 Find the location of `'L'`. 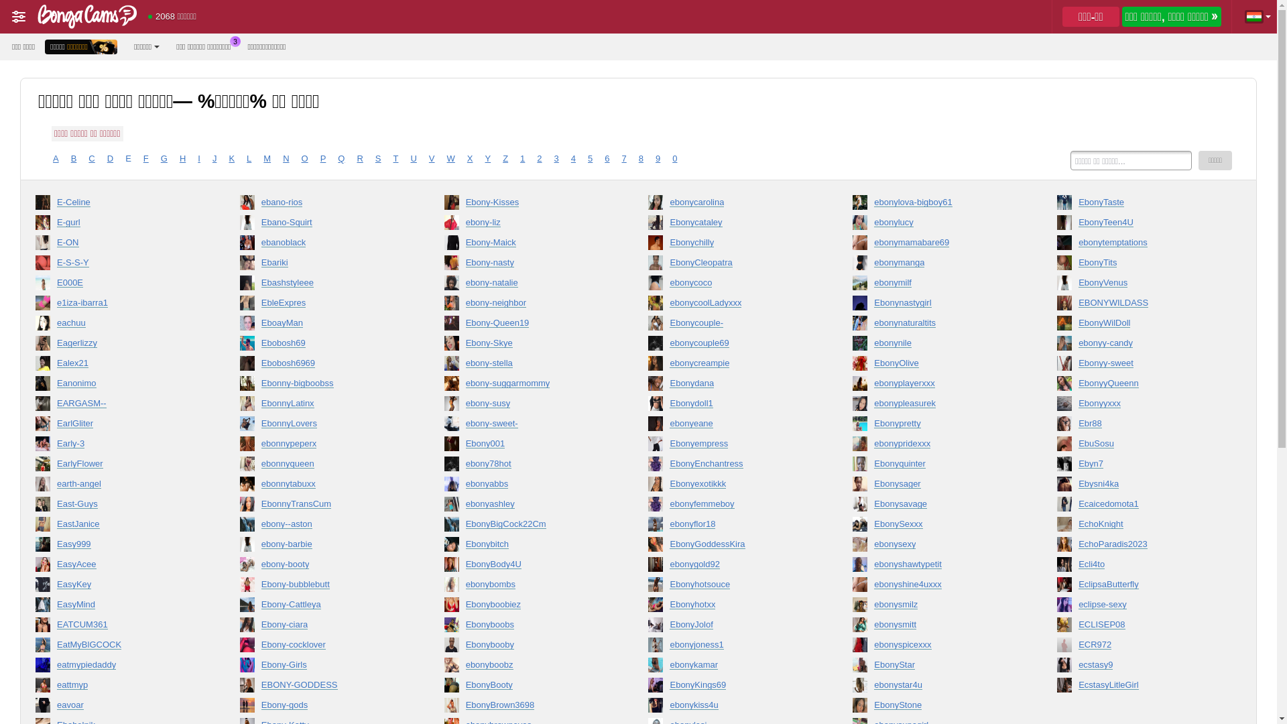

'L' is located at coordinates (249, 158).